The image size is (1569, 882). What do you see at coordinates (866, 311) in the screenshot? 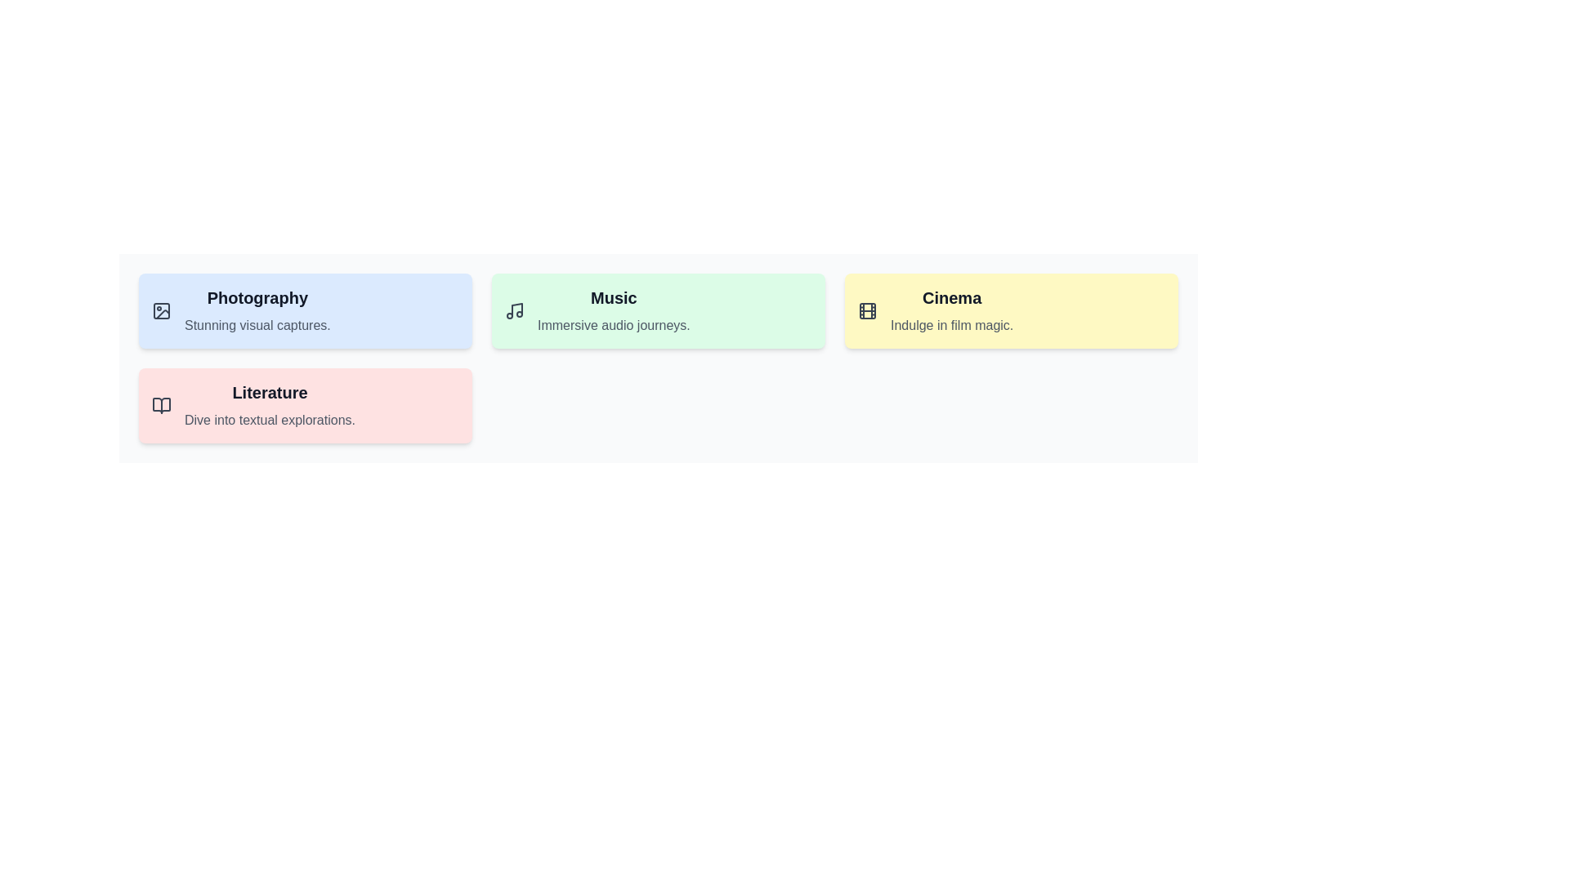
I see `the central rectangle of the film reel icon representing the 'Cinema' section, which visually symbolizes film and movies` at bounding box center [866, 311].